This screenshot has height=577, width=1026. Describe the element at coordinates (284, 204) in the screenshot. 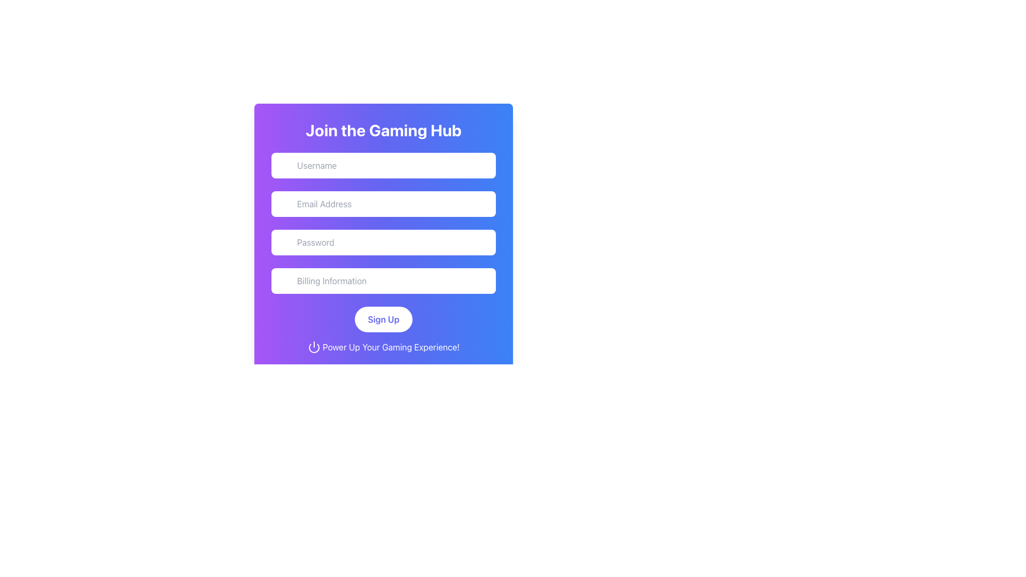

I see `the icon that indicates the purpose of the email address input field, located to the left of the 'Email Address' input field in the form` at that location.